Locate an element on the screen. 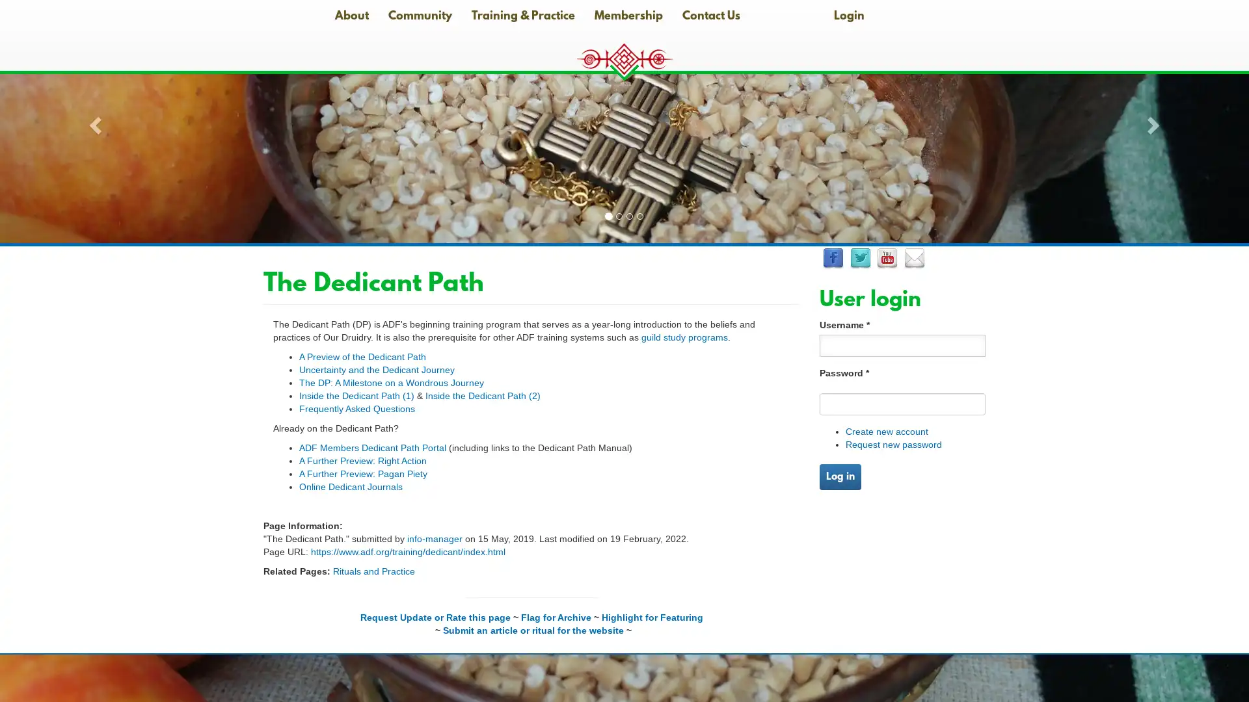 Image resolution: width=1249 pixels, height=702 pixels. Log in is located at coordinates (840, 476).